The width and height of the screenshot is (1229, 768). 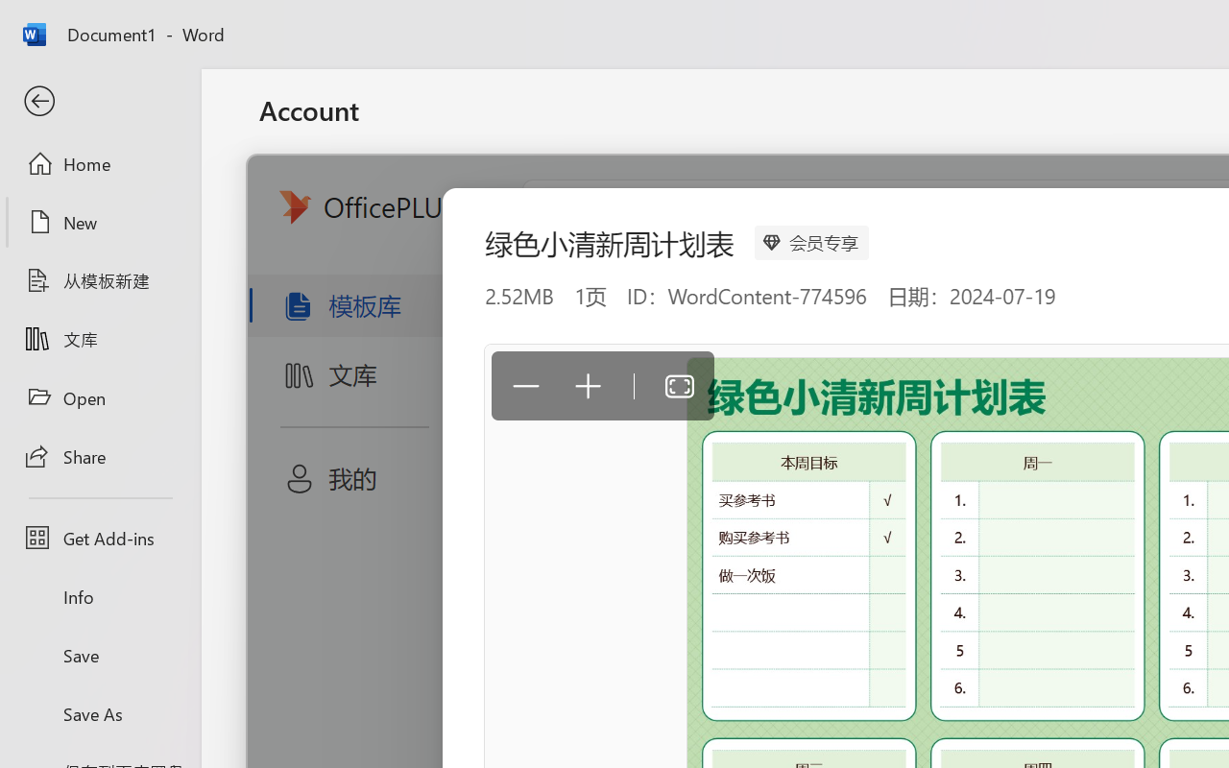 What do you see at coordinates (99, 222) in the screenshot?
I see `'New'` at bounding box center [99, 222].